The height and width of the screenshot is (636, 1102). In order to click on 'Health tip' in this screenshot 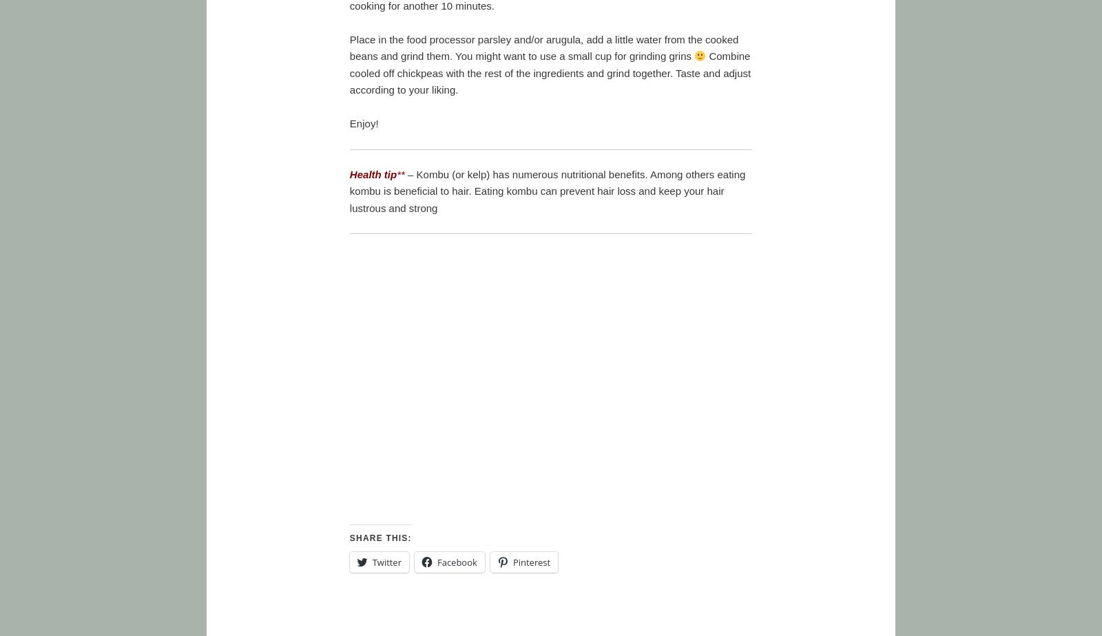, I will do `click(349, 173)`.